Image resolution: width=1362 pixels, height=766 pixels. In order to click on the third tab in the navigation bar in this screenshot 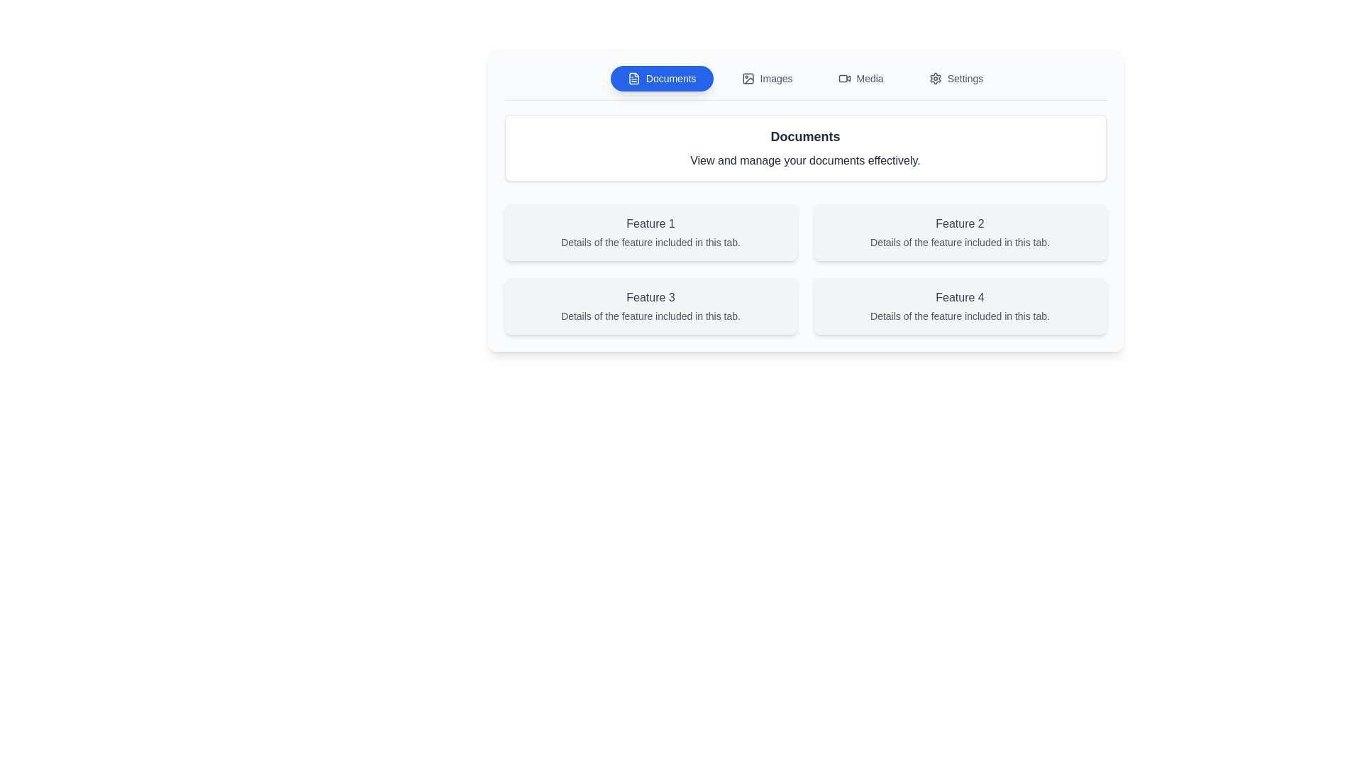, I will do `click(860, 79)`.